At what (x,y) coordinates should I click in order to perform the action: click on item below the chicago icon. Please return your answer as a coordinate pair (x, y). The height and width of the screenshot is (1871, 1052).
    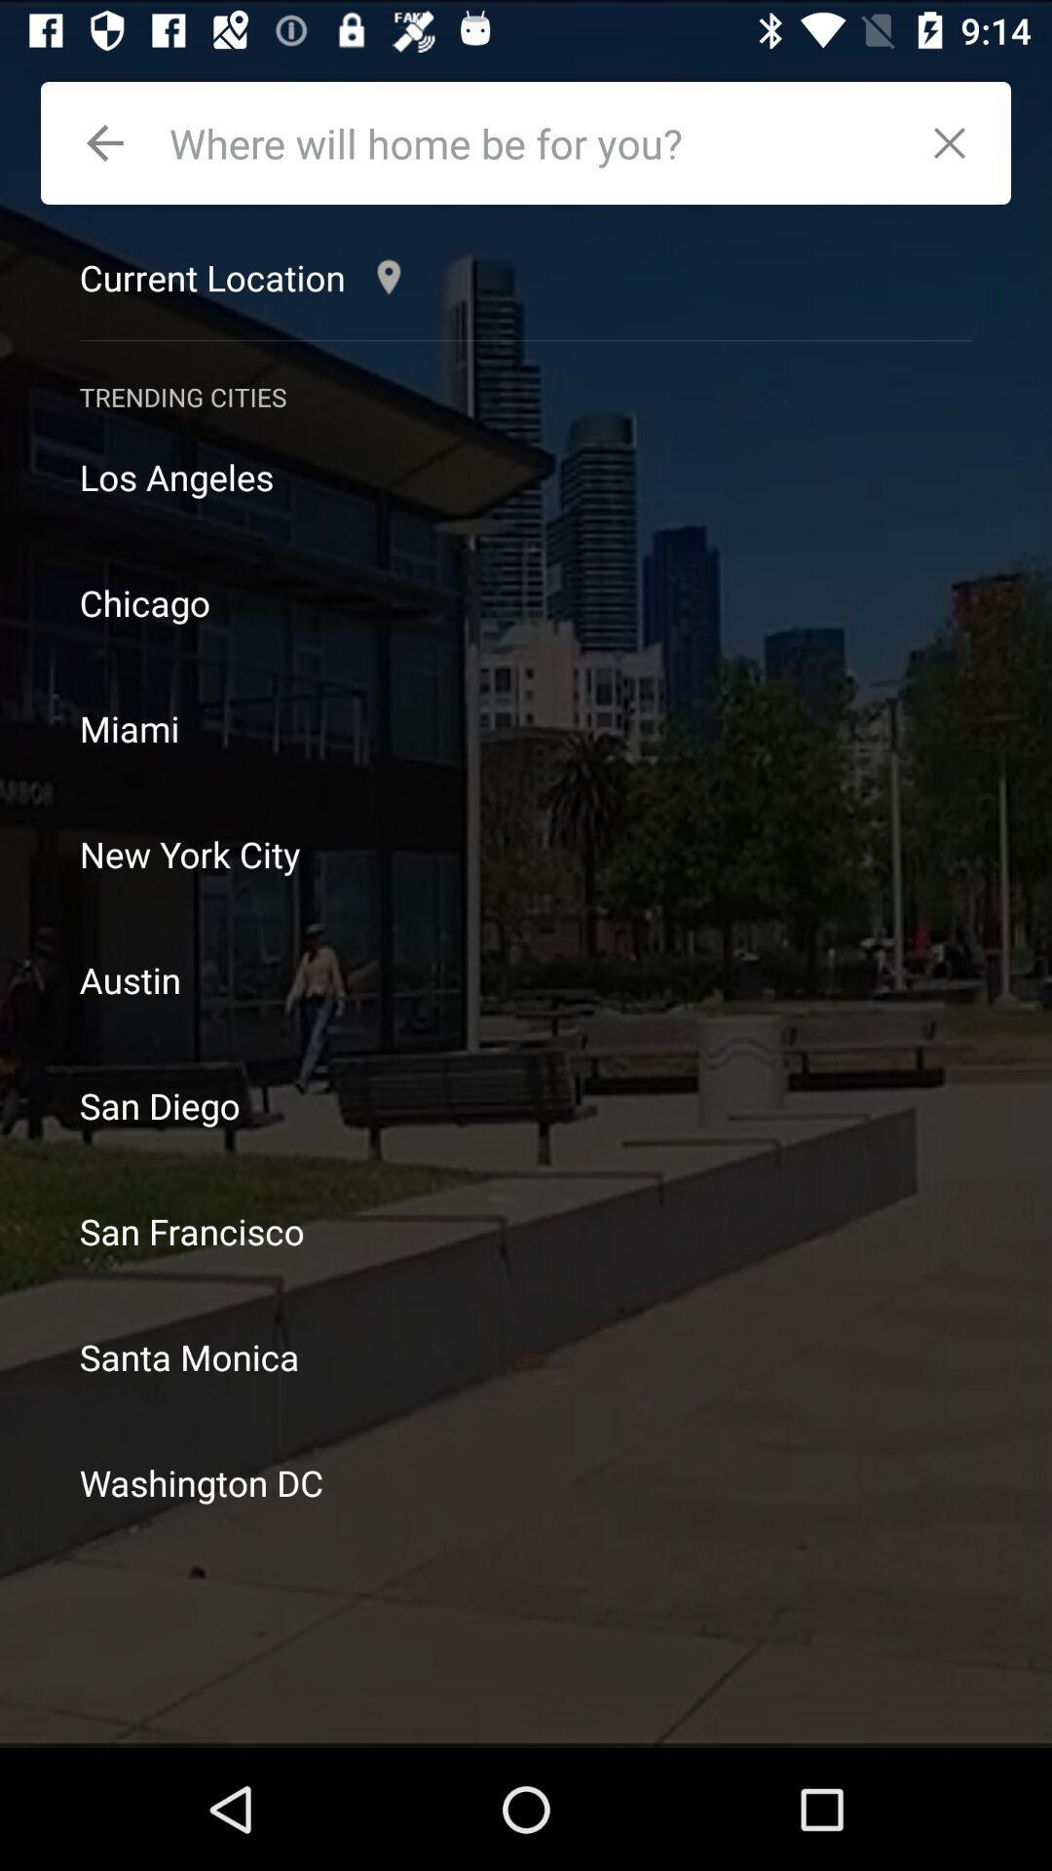
    Looking at the image, I should click on (526, 727).